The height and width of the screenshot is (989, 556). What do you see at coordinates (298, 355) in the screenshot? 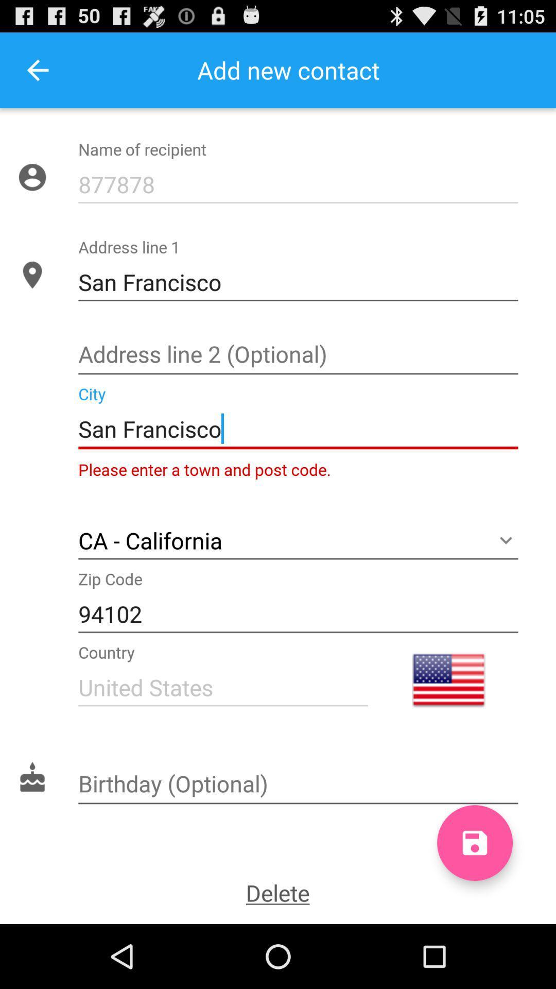
I see `address line 2 textbox` at bounding box center [298, 355].